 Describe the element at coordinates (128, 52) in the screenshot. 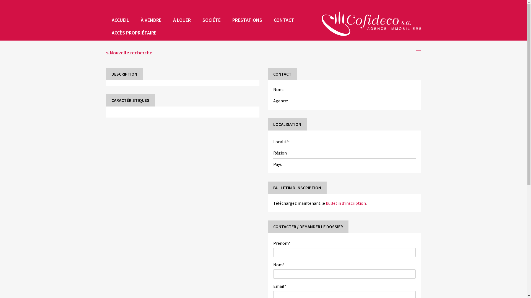

I see `'< Nouvelle recherche'` at that location.